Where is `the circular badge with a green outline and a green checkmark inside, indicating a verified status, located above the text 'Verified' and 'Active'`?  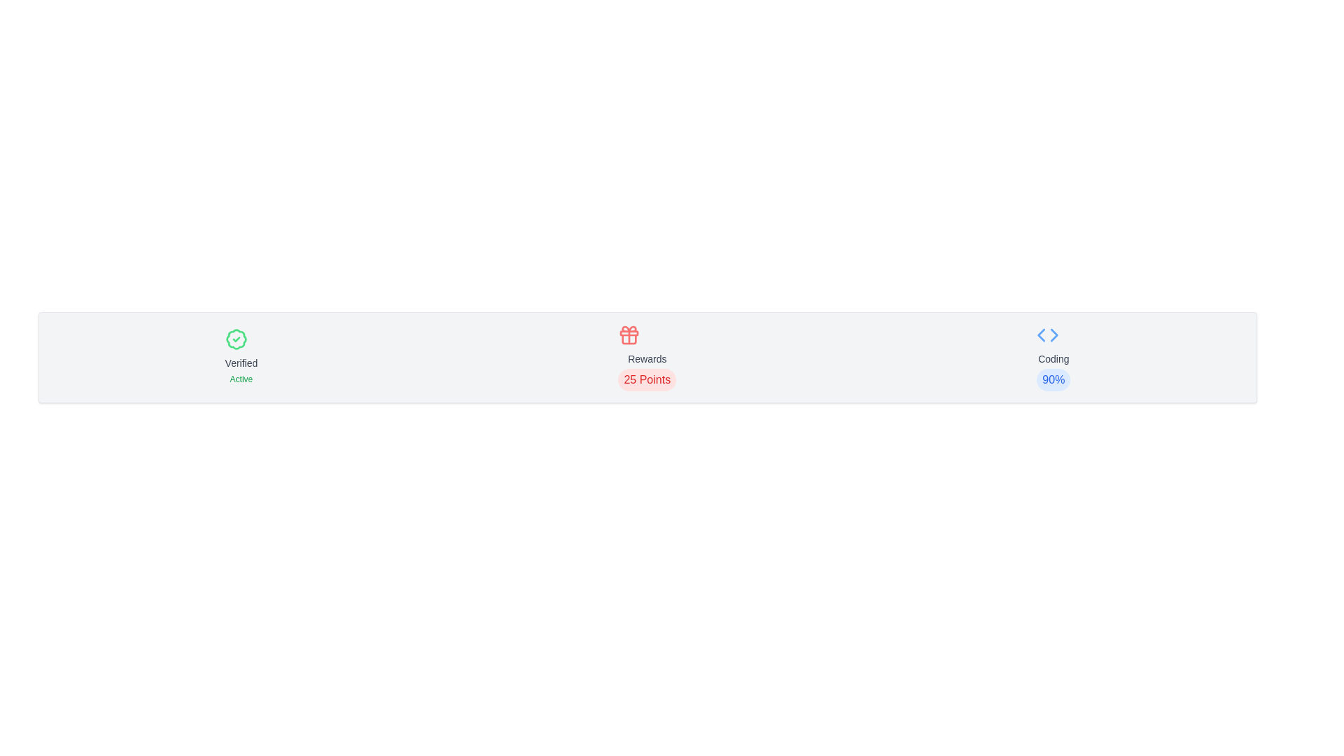
the circular badge with a green outline and a green checkmark inside, indicating a verified status, located above the text 'Verified' and 'Active' is located at coordinates (236, 339).